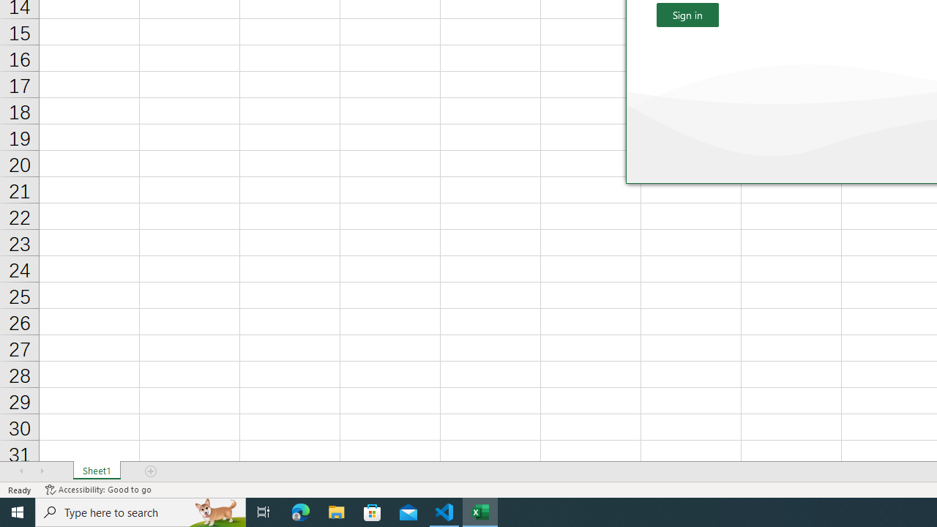 This screenshot has height=527, width=937. I want to click on 'Scroll Left', so click(21, 471).